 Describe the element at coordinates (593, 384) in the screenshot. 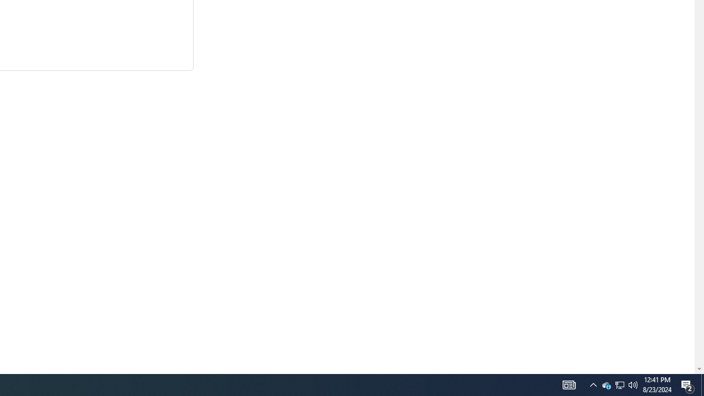

I see `'AutomationID: 4105'` at that location.